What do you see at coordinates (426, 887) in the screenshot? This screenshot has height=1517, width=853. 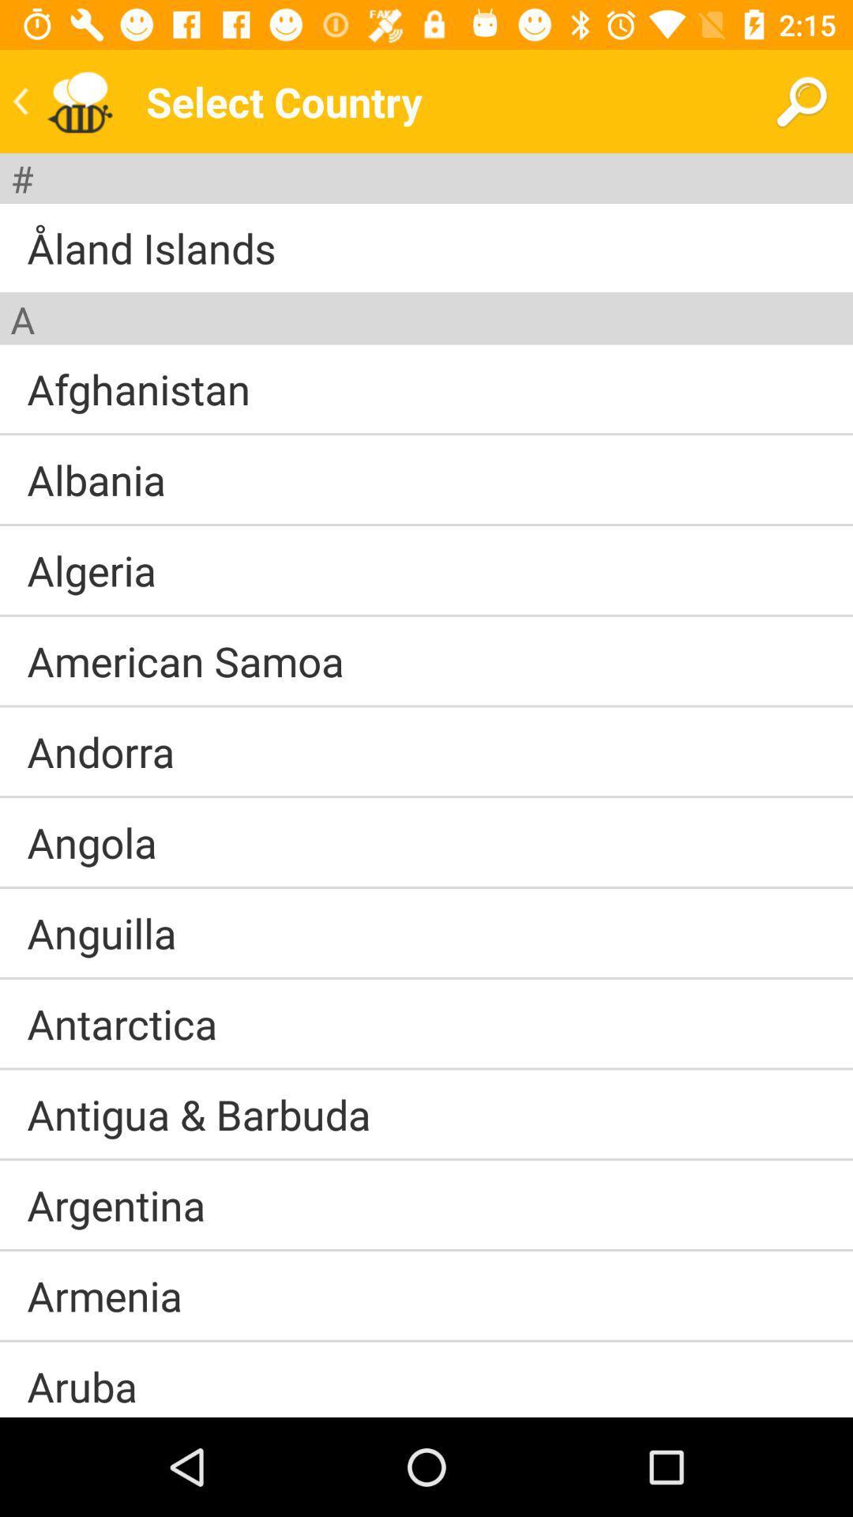 I see `icon below the angola item` at bounding box center [426, 887].